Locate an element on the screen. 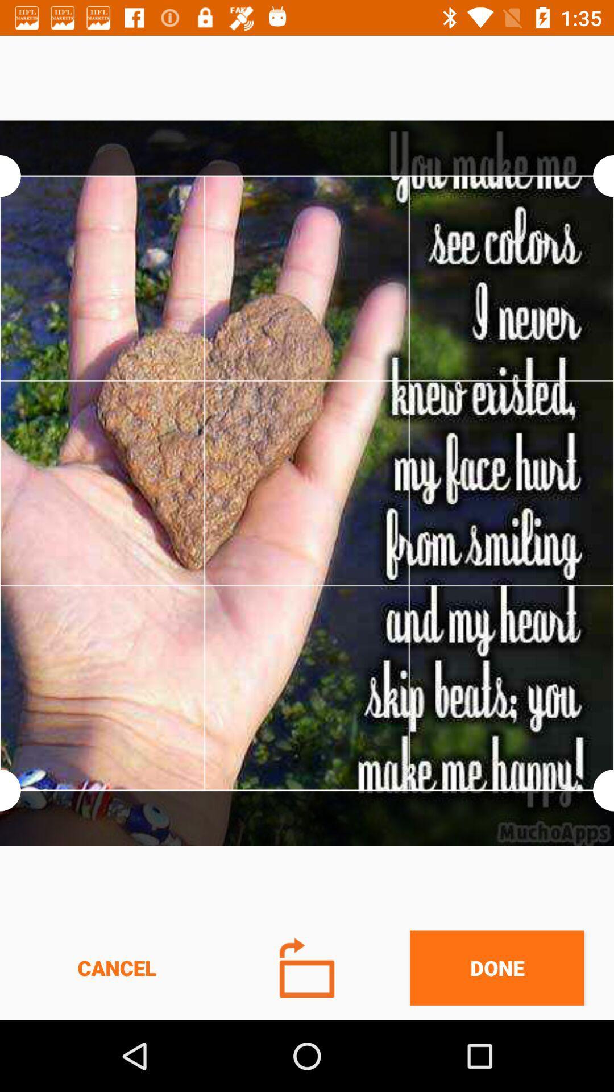  icon at the bottom right corner is located at coordinates (496, 967).